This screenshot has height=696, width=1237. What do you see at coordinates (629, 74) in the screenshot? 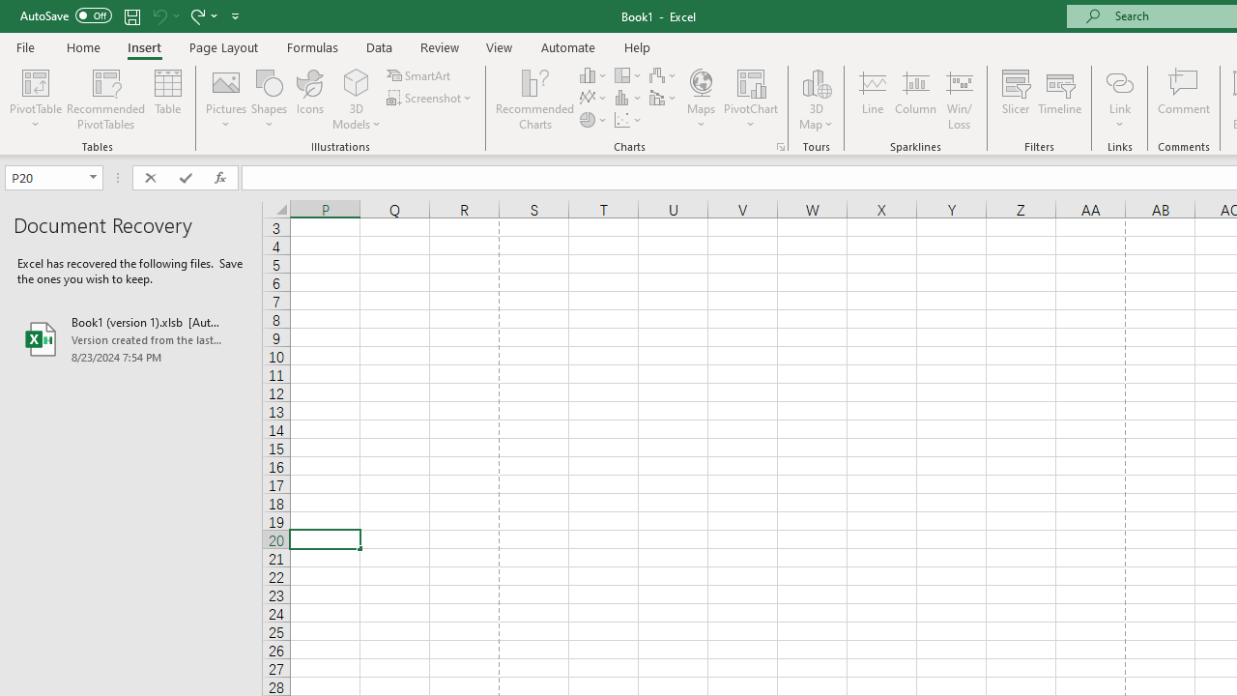
I see `'Insert Hierarchy Chart'` at bounding box center [629, 74].